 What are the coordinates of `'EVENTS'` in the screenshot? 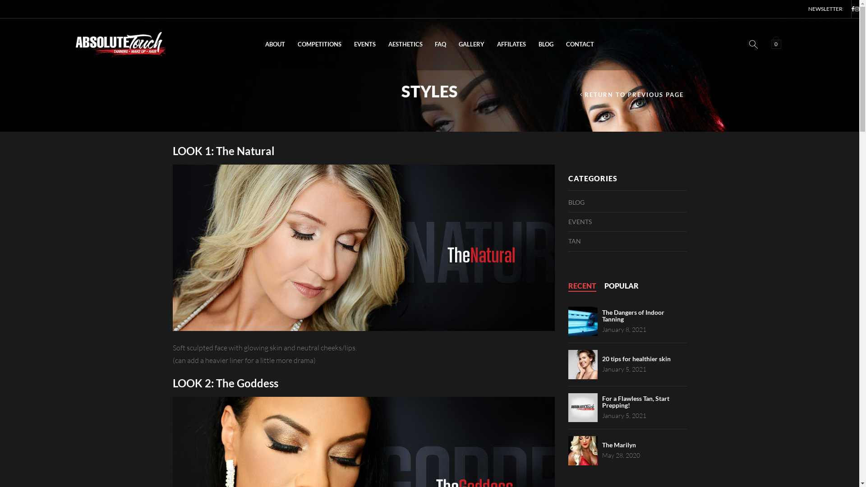 It's located at (365, 44).